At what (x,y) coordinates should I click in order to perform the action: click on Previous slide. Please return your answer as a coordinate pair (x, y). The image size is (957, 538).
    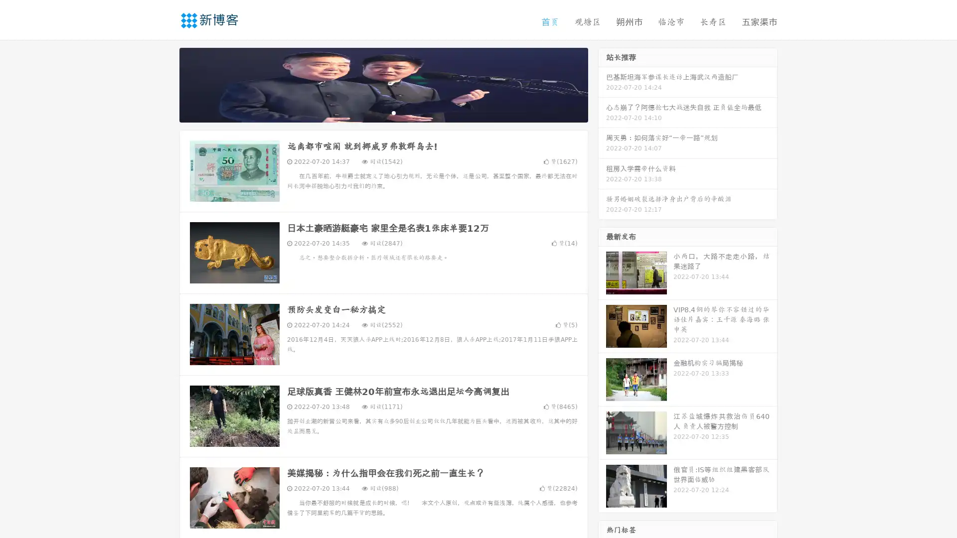
    Looking at the image, I should click on (164, 84).